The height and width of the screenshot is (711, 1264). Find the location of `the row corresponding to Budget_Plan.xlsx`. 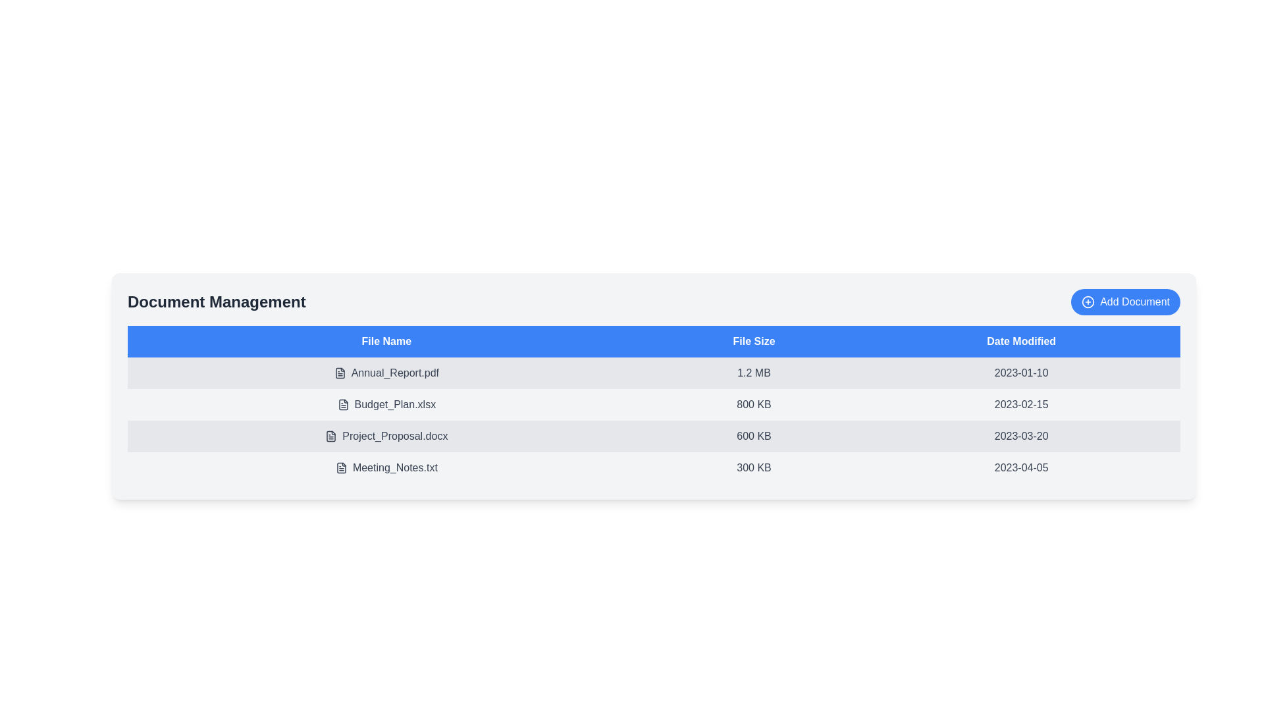

the row corresponding to Budget_Plan.xlsx is located at coordinates (385, 404).